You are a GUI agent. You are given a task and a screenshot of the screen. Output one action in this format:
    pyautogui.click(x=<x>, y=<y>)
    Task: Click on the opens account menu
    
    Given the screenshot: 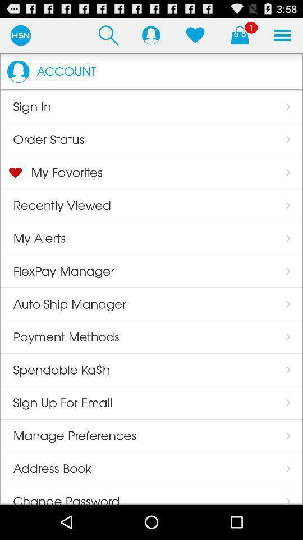 What is the action you would take?
    pyautogui.click(x=151, y=35)
    